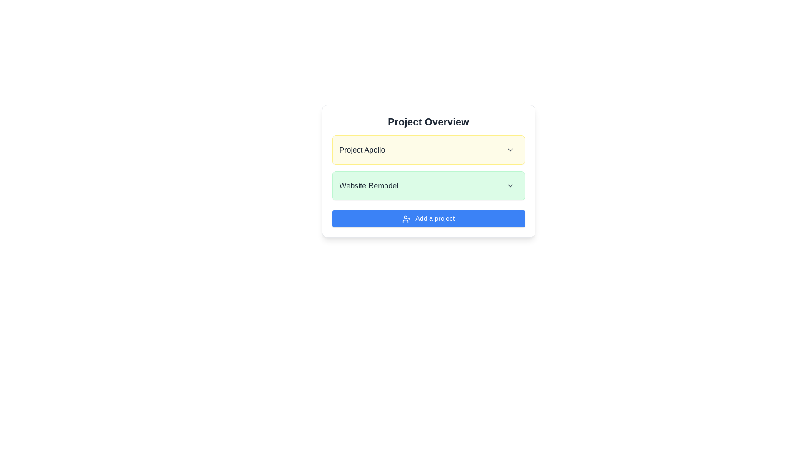 This screenshot has height=450, width=800. Describe the element at coordinates (510, 185) in the screenshot. I see `the dropdown indicator icon located inside the 'Website Remodel' box, which features a downward-pointing chevron and is positioned to the far right within the dropdown menu` at that location.